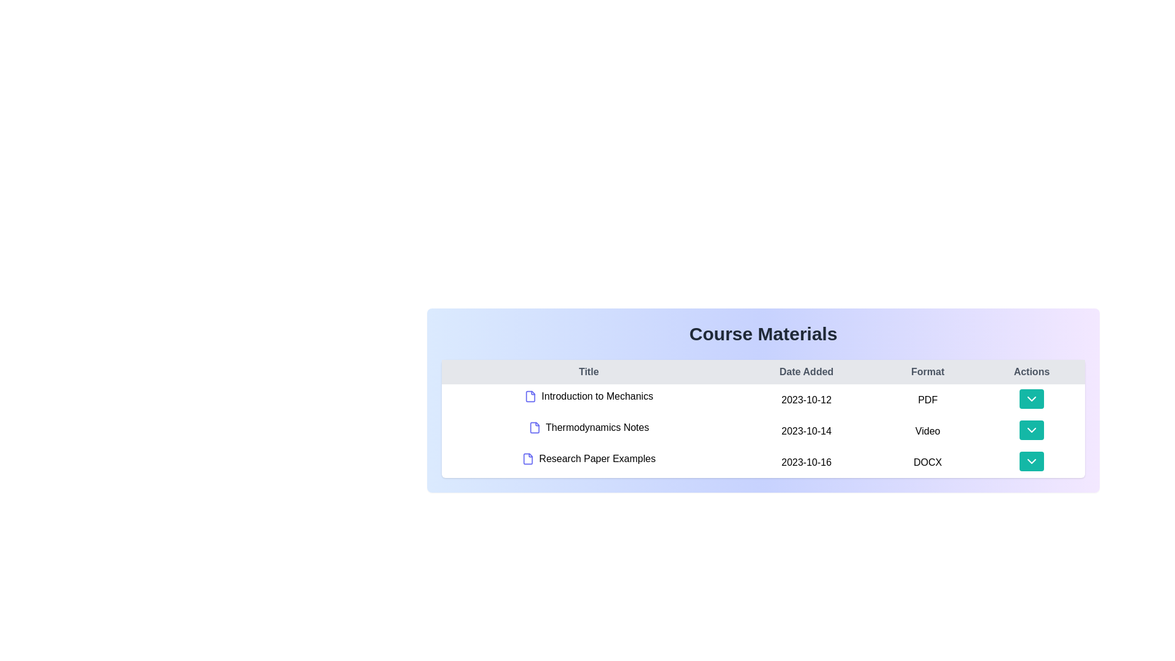 The image size is (1175, 661). Describe the element at coordinates (1031, 372) in the screenshot. I see `the header label located on the rightmost side of the horizontal header bar, which identifies the column for action options related to the listed items in the table` at that location.